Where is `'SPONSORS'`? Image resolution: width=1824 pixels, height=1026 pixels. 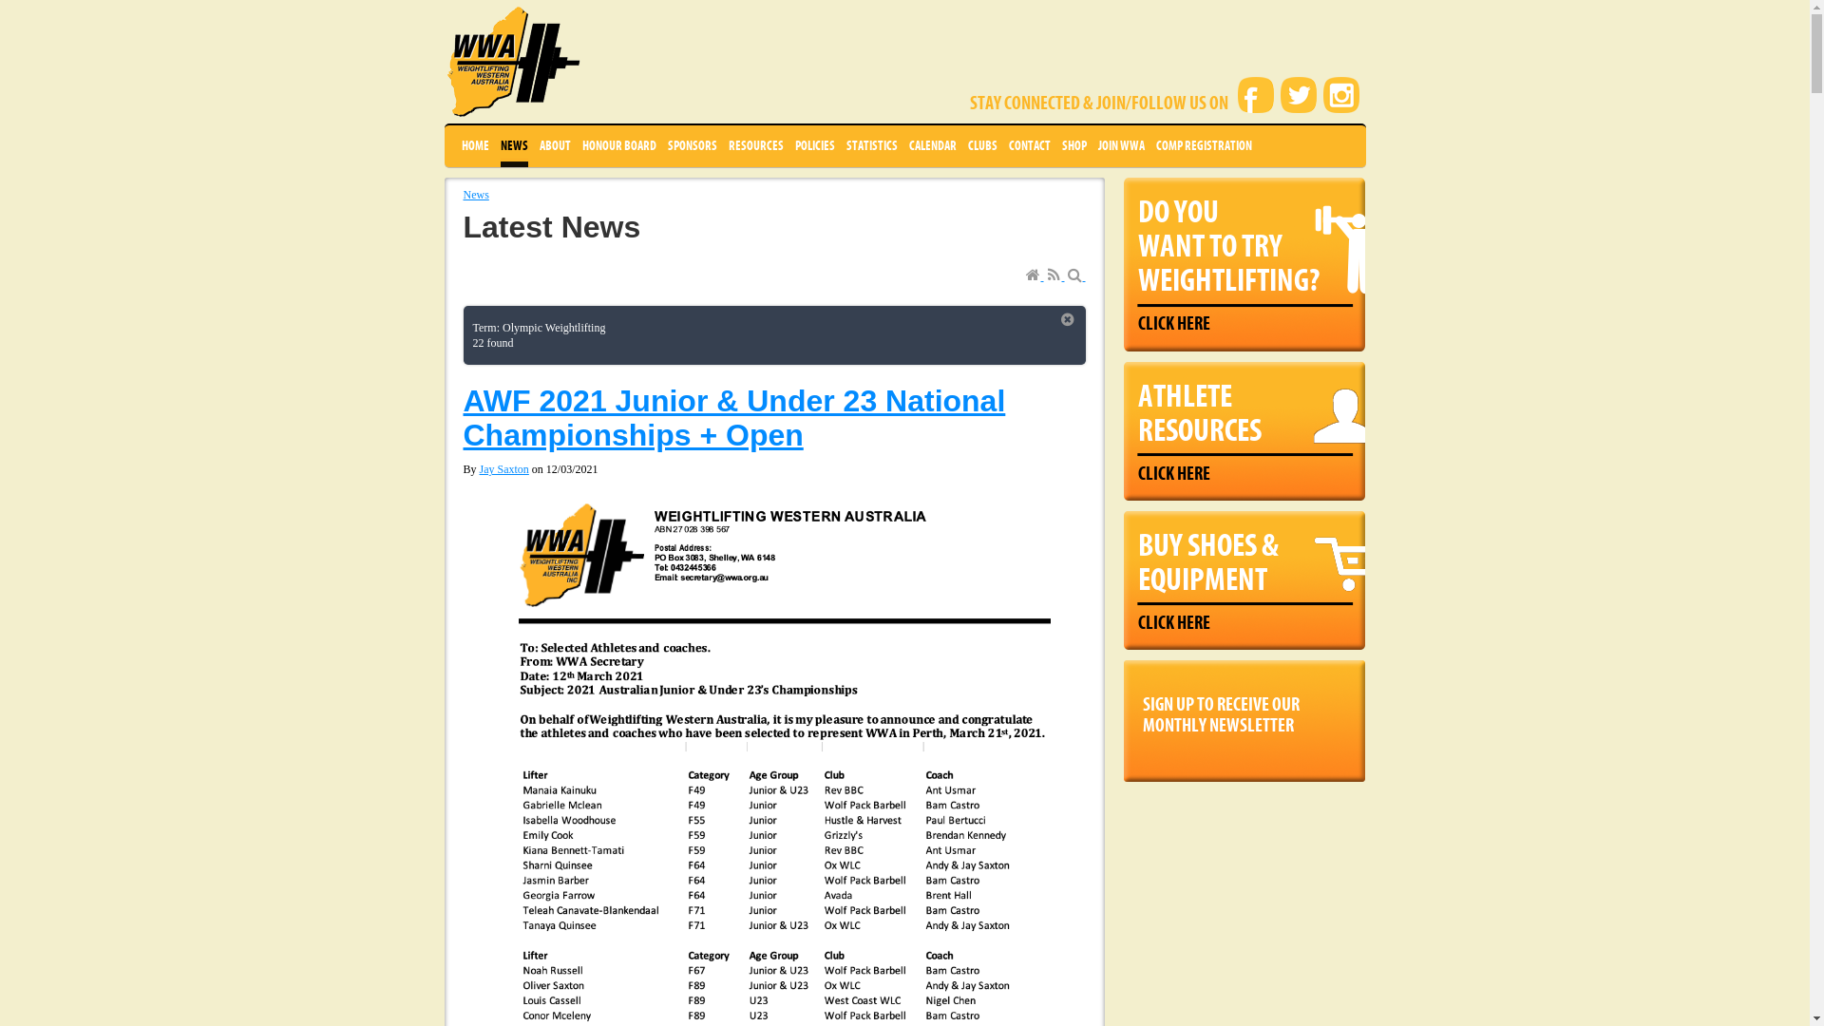 'SPONSORS' is located at coordinates (691, 145).